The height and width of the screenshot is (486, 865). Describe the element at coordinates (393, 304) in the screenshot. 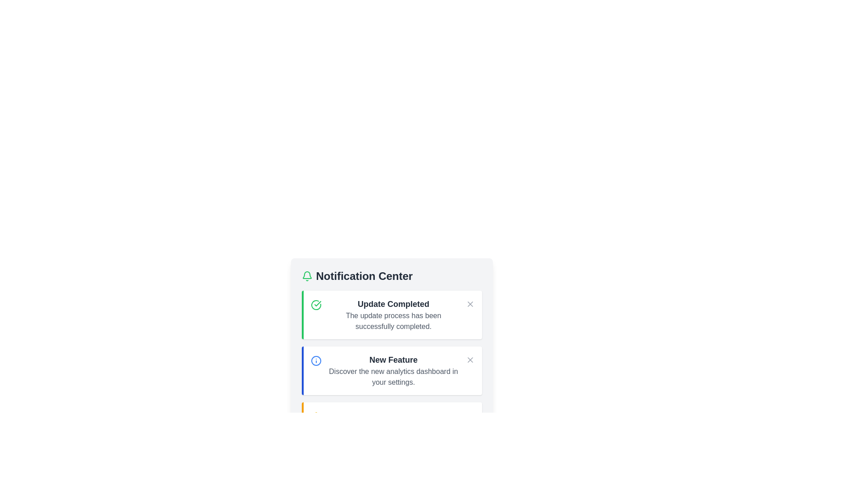

I see `title text label indicating the successful completion of the update process located at the top of the notification card` at that location.